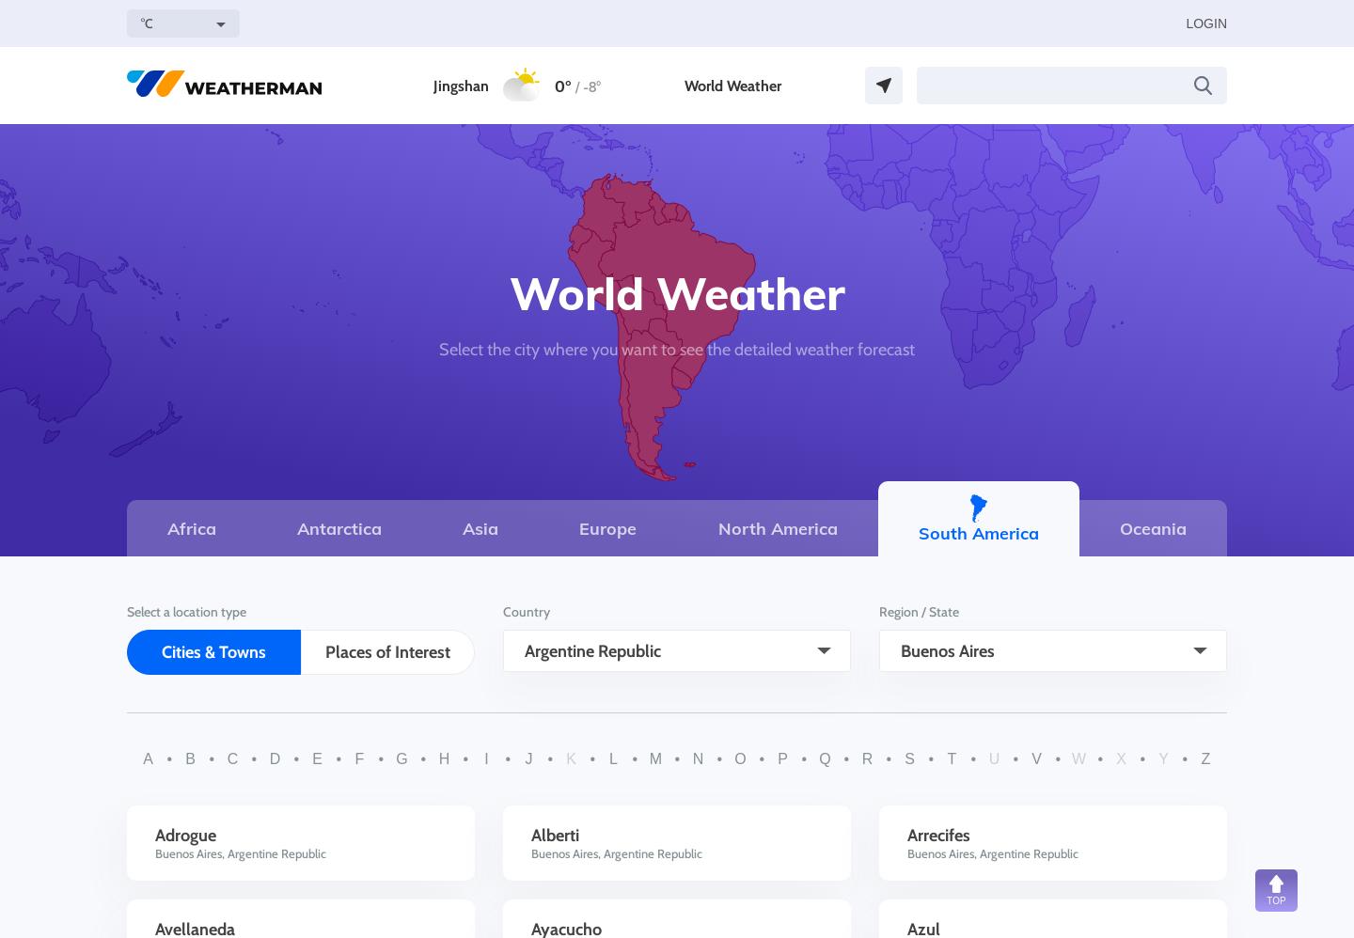 The width and height of the screenshot is (1354, 938). What do you see at coordinates (1275, 899) in the screenshot?
I see `'TOP'` at bounding box center [1275, 899].